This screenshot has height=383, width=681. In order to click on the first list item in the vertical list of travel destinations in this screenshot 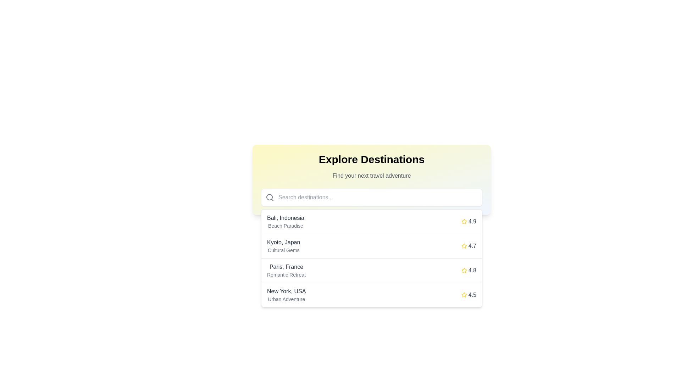, I will do `click(371, 221)`.